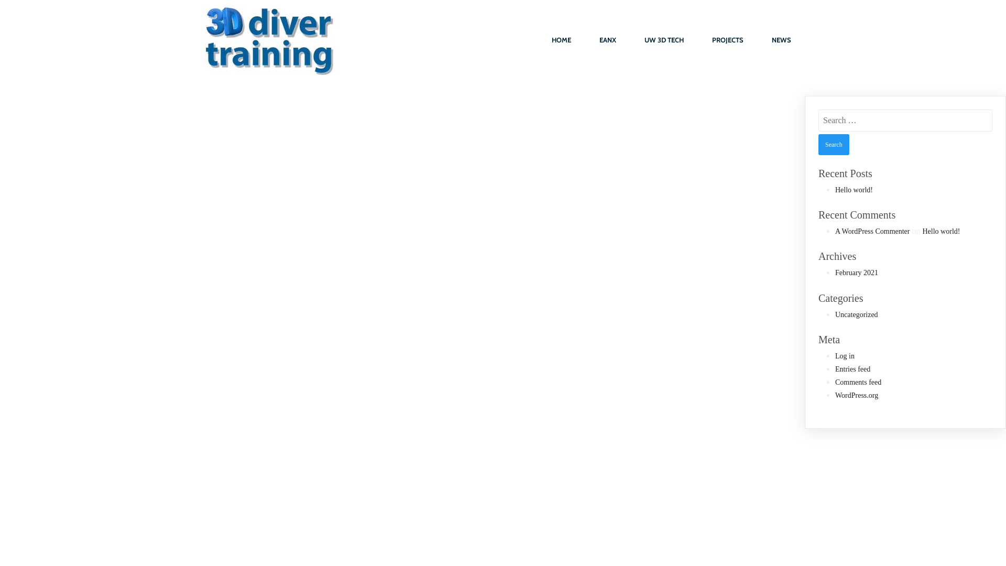 This screenshot has height=566, width=1006. Describe the element at coordinates (857, 395) in the screenshot. I see `'WordPress.org'` at that location.